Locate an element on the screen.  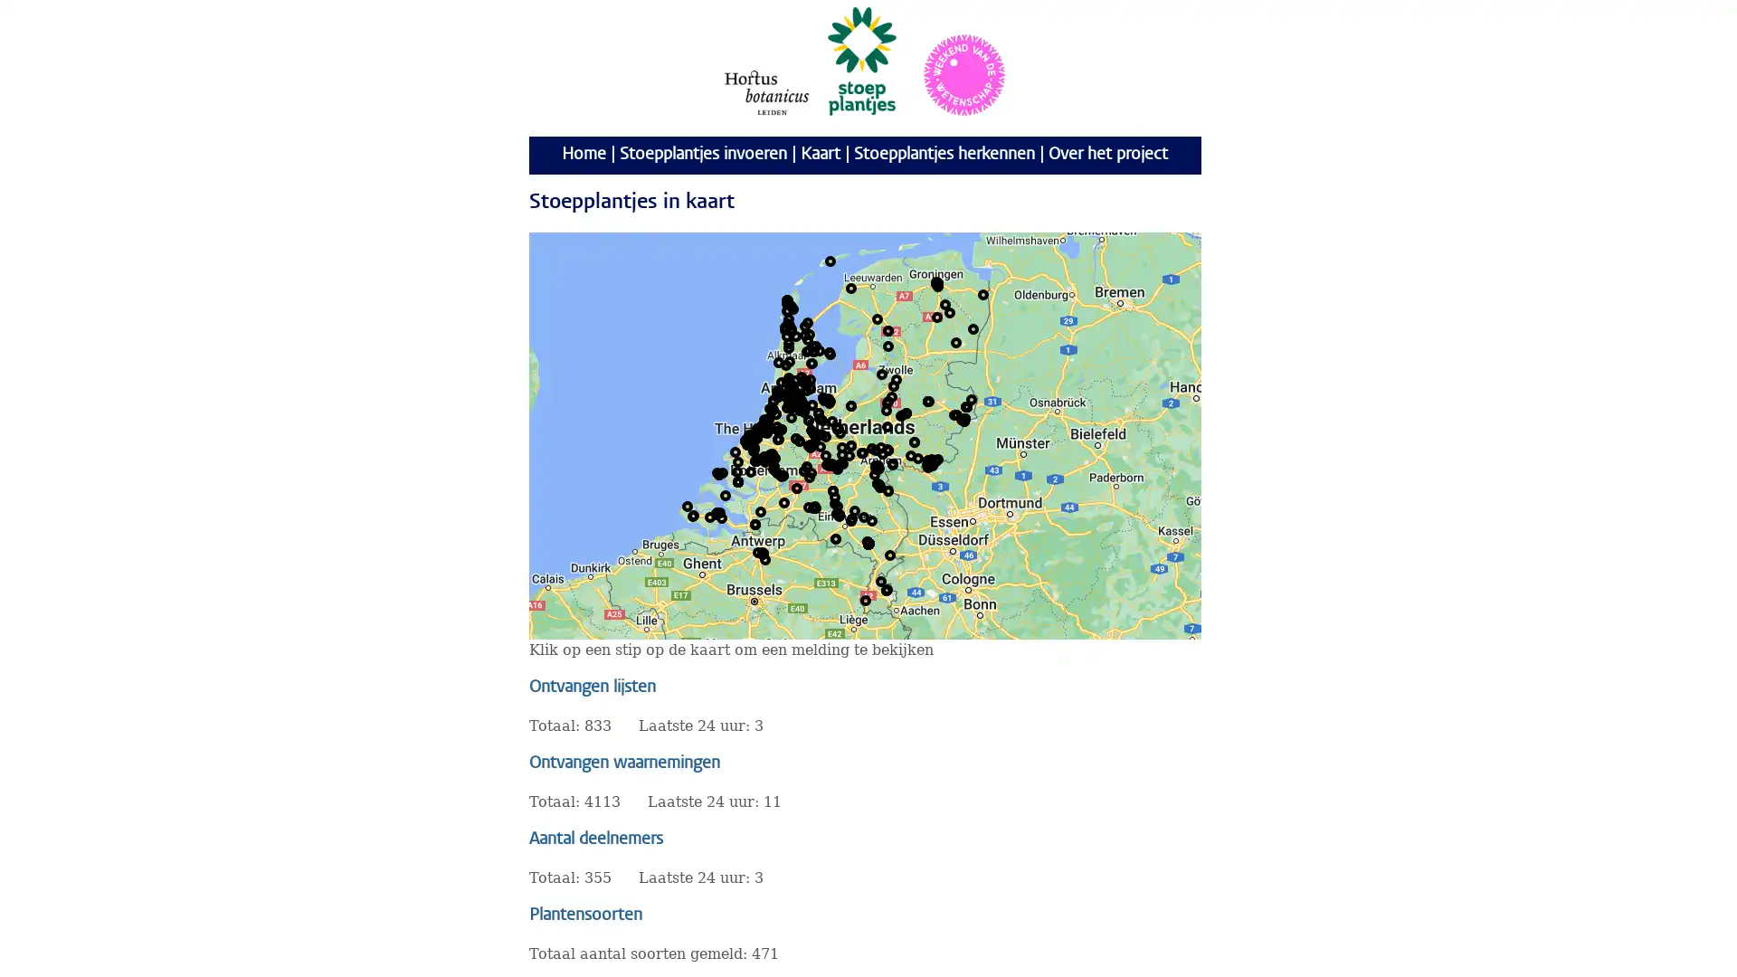
Telling van op 08 mei 2022 is located at coordinates (936, 460).